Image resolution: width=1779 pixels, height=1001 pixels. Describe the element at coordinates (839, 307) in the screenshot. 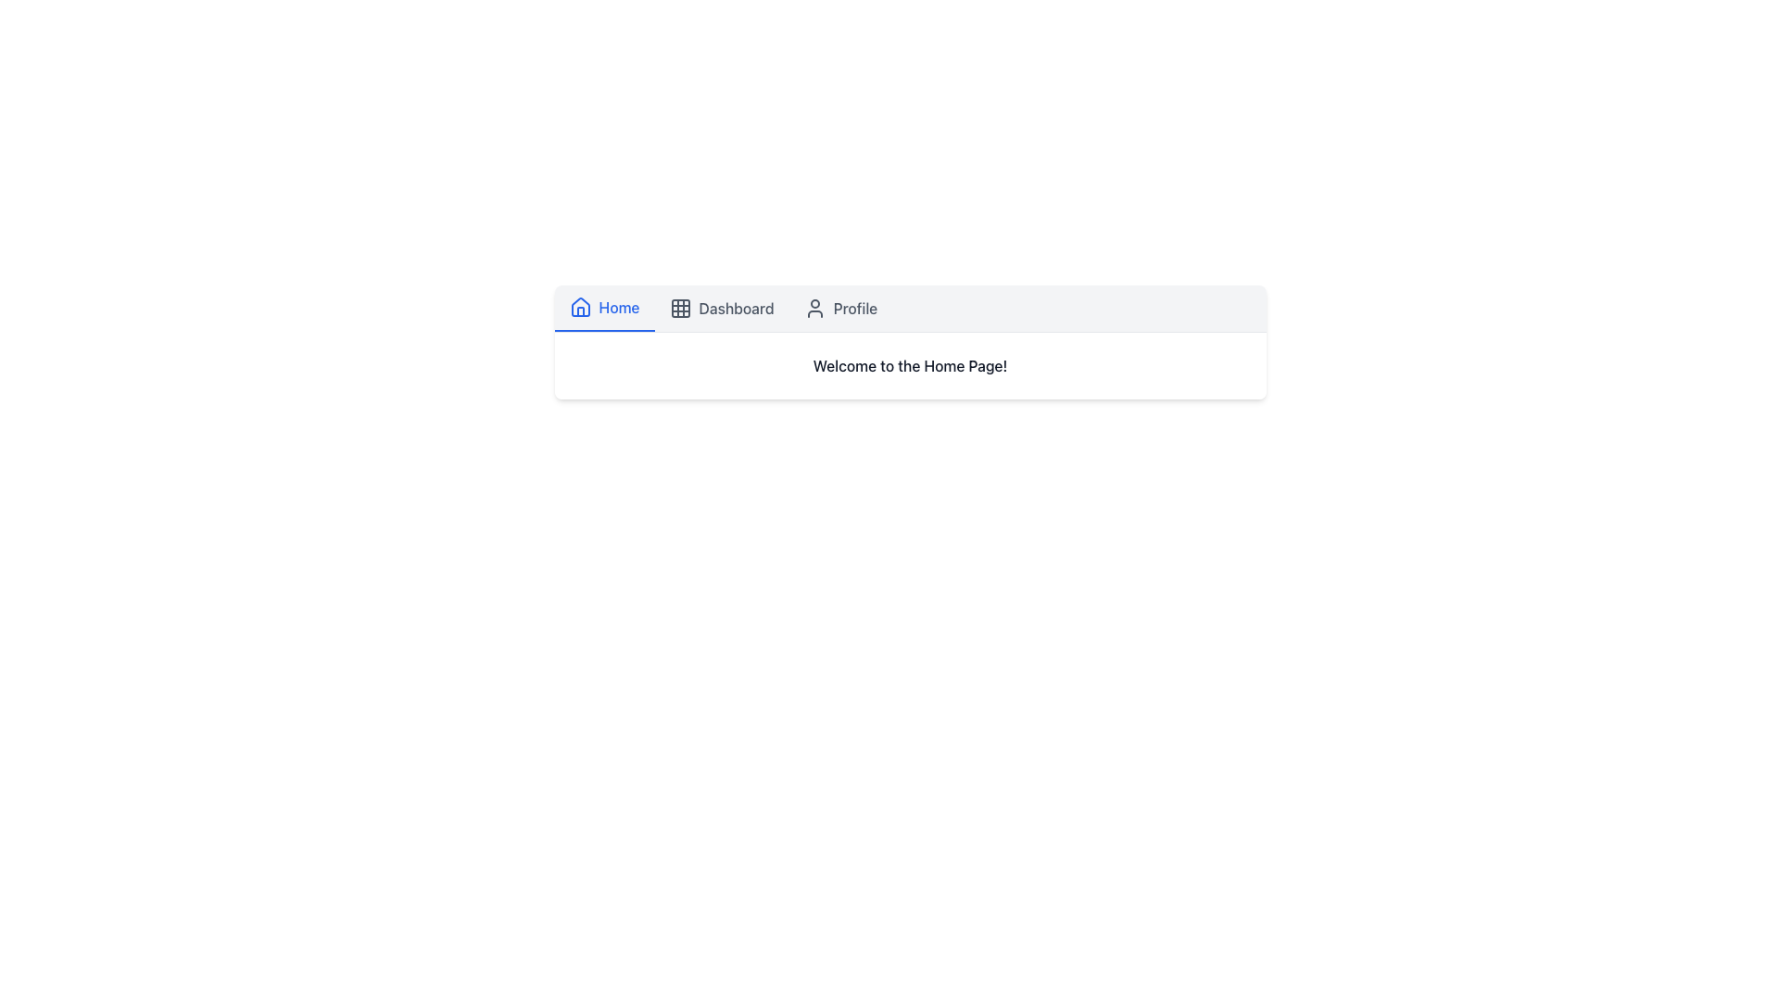

I see `the third tab styled as a button in the navigation header to change the color of the text, which links to the user's profile section` at that location.